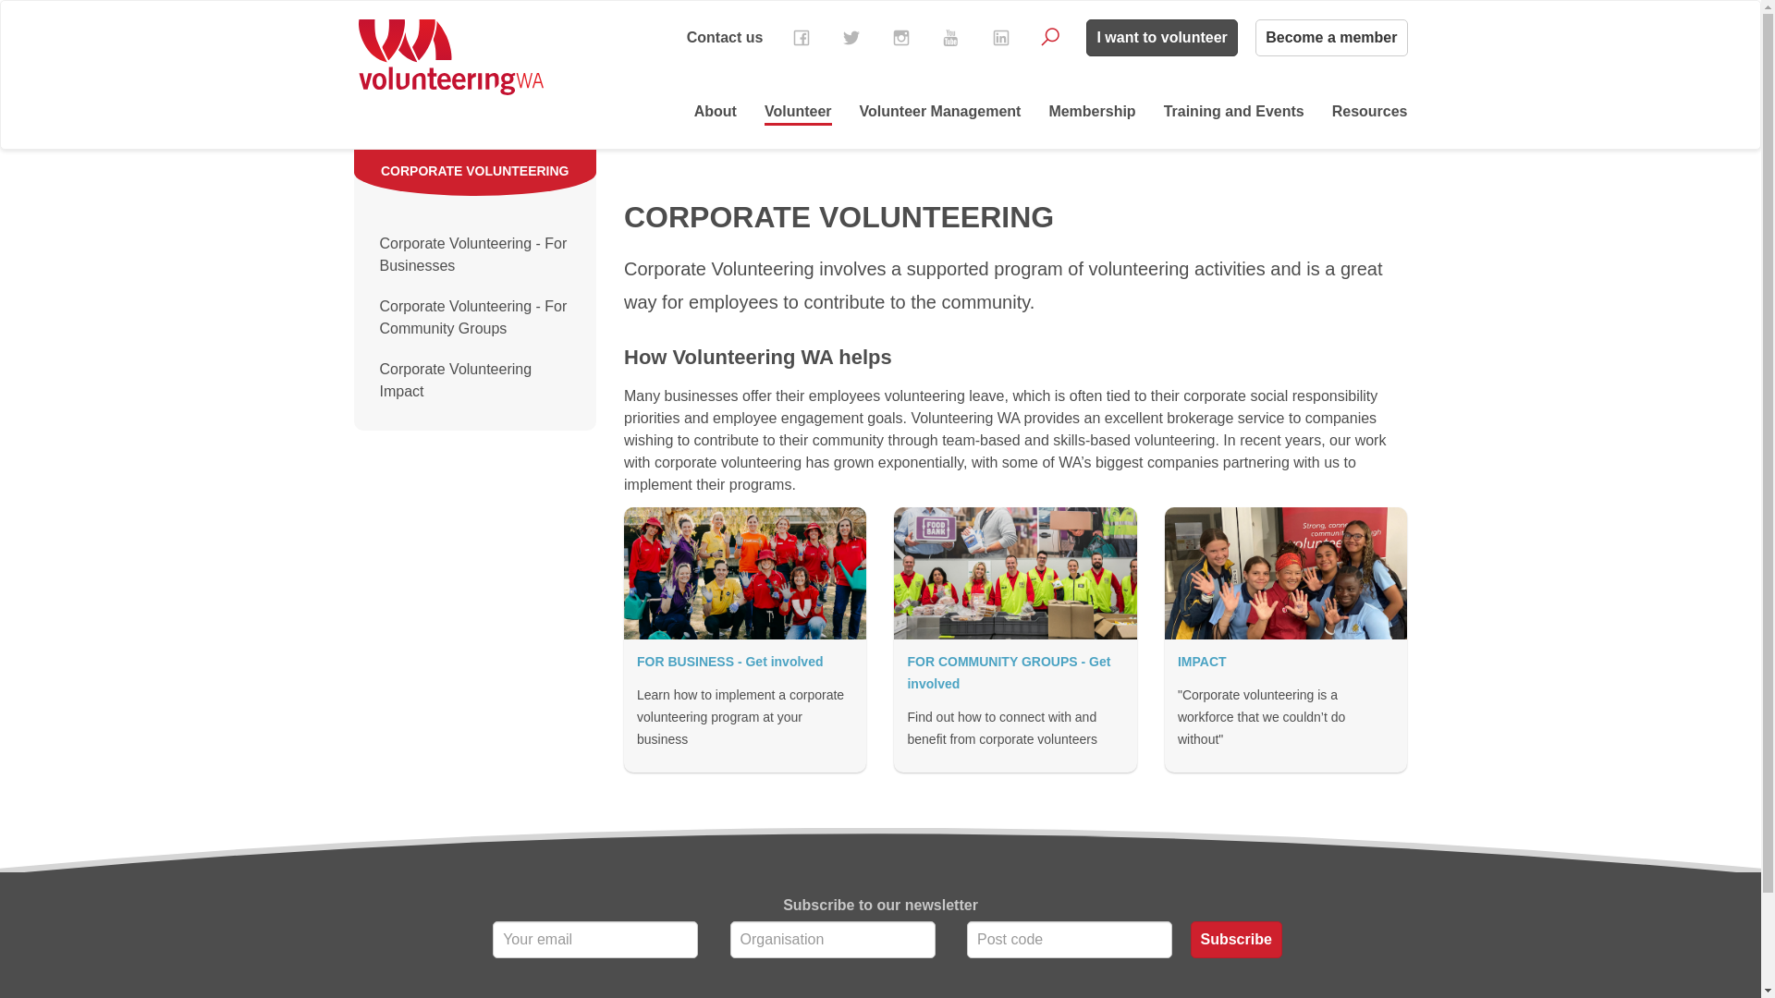 The height and width of the screenshot is (998, 1775). What do you see at coordinates (728, 661) in the screenshot?
I see `'FOR BUSINESS - Get involved'` at bounding box center [728, 661].